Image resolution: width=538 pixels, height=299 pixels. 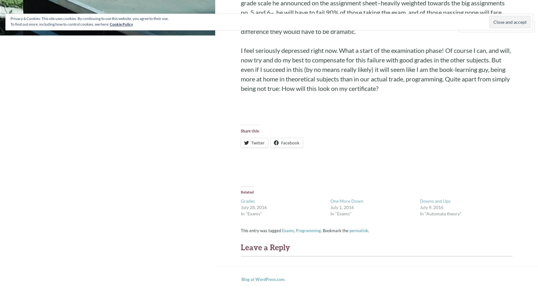 I want to click on 'Share this:', so click(x=249, y=131).